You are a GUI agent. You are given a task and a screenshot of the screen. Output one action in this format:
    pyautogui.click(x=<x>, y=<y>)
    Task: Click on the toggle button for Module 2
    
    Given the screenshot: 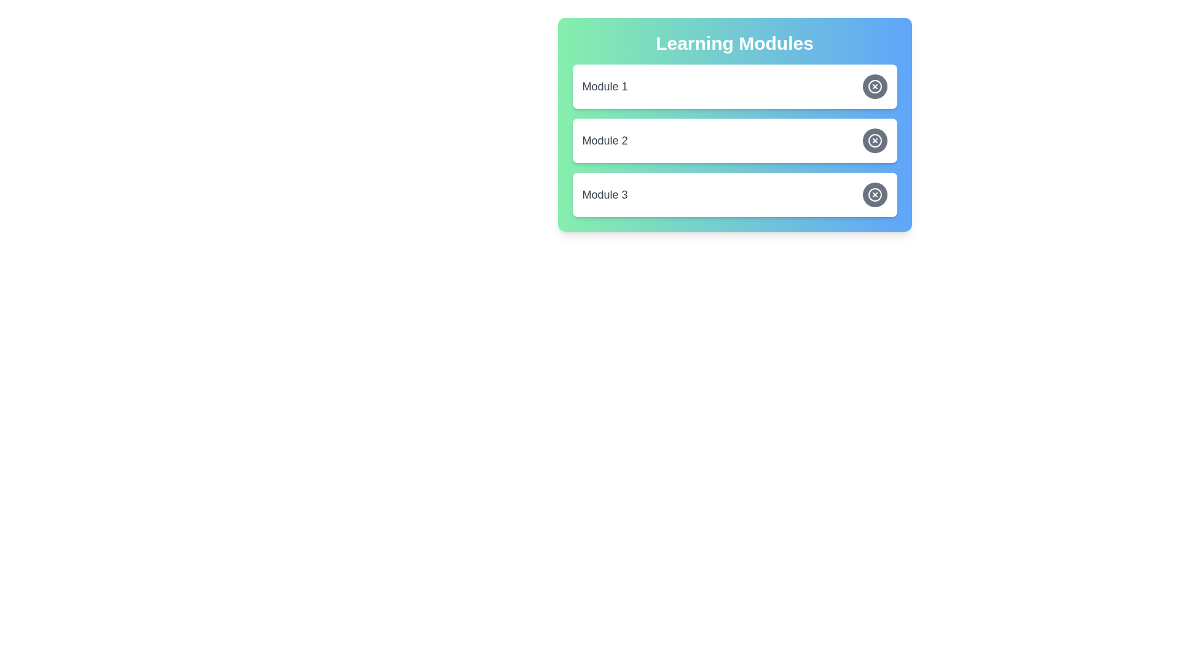 What is the action you would take?
    pyautogui.click(x=874, y=140)
    